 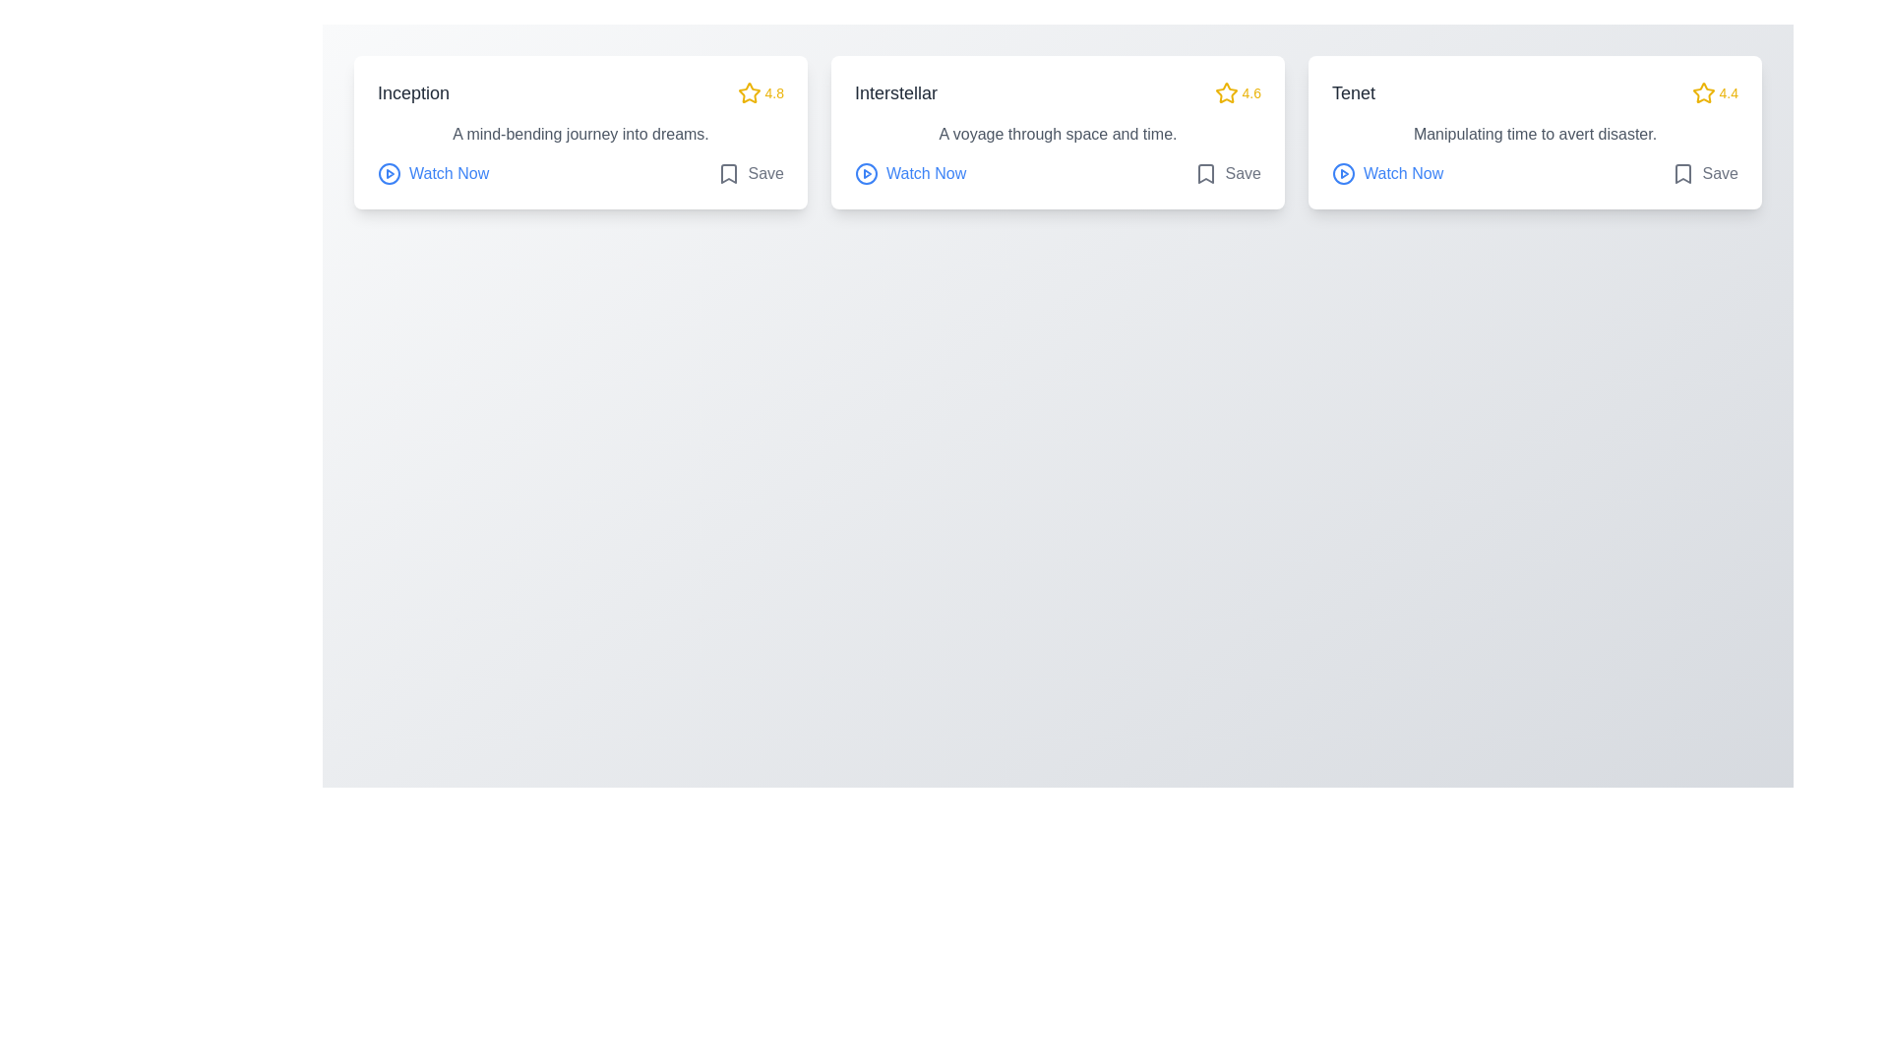 I want to click on the save button located in the bottom-right corner of the second card in a horizontal list of cards, so click(x=1226, y=173).